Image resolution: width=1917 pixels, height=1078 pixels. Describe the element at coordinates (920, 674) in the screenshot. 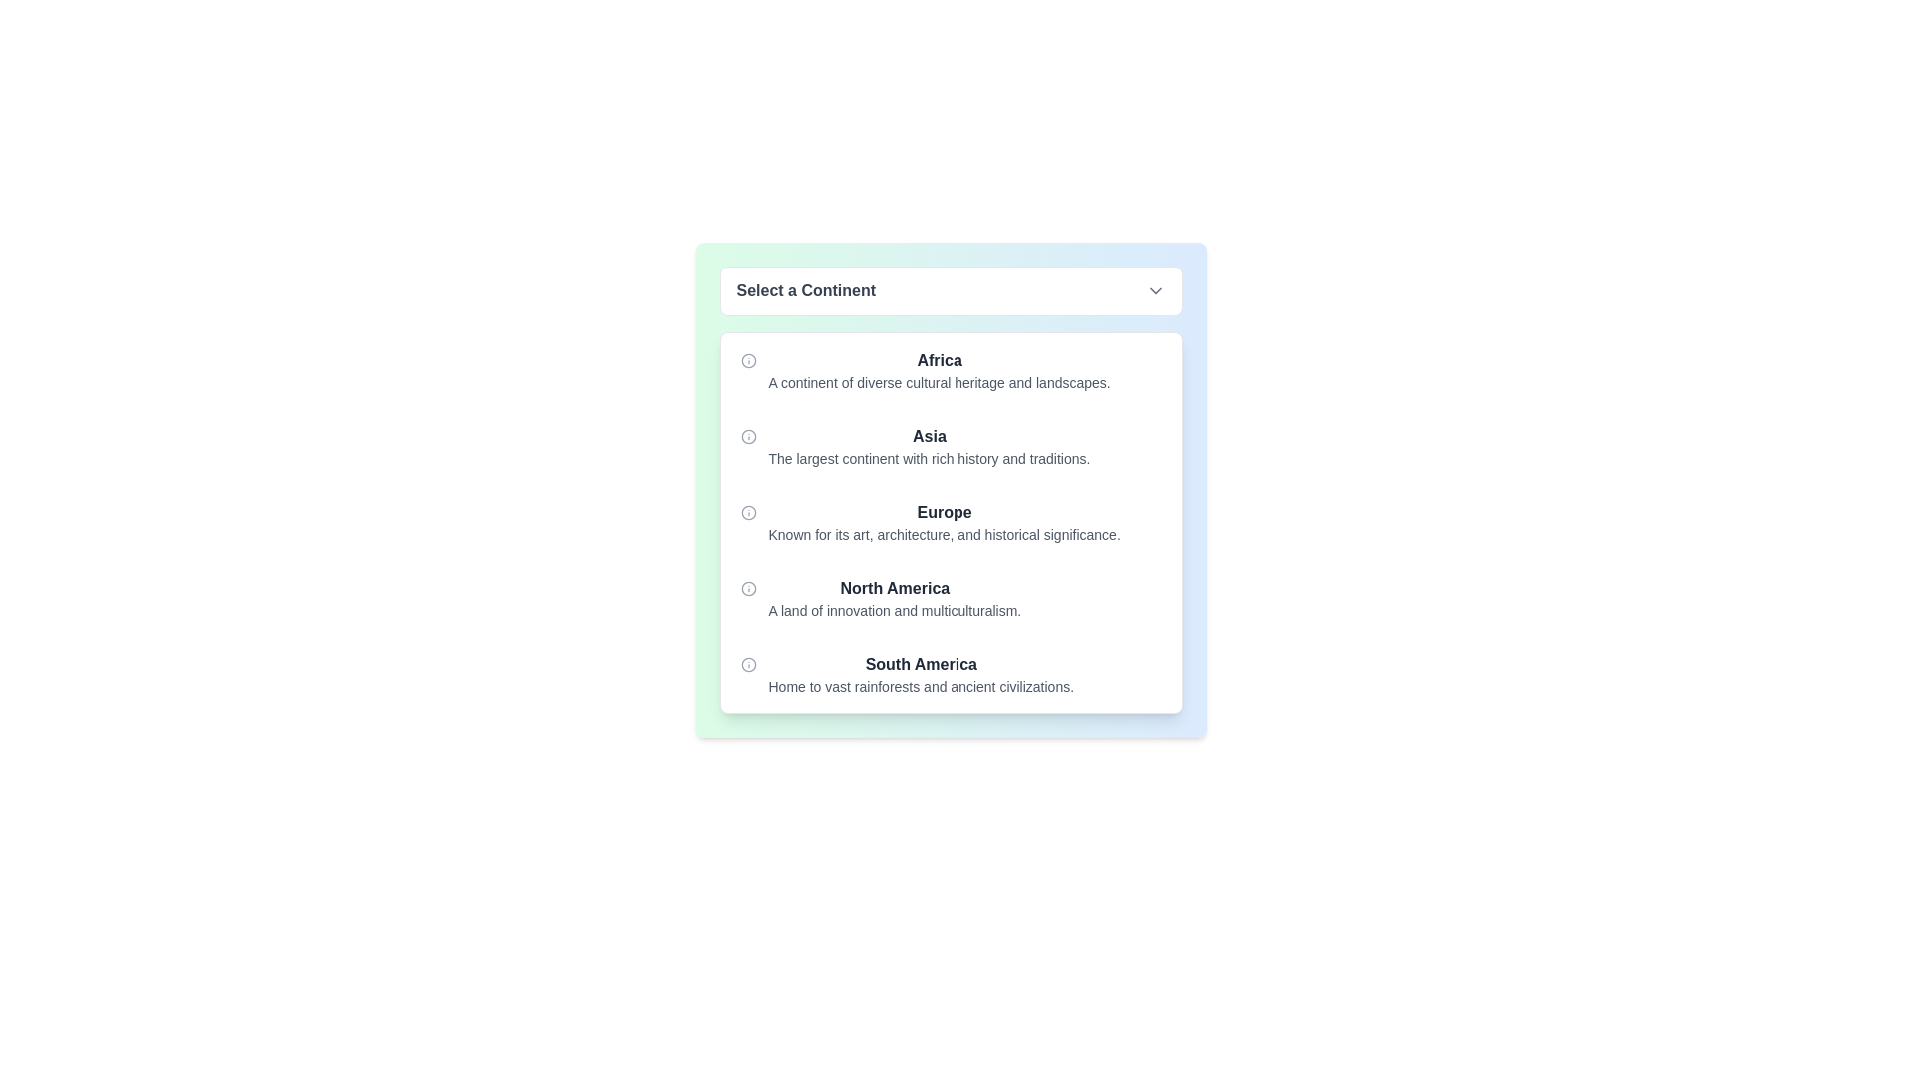

I see `to select the continent 'South America' from the dropdown menu panel, which is the last option in the list of continents` at that location.